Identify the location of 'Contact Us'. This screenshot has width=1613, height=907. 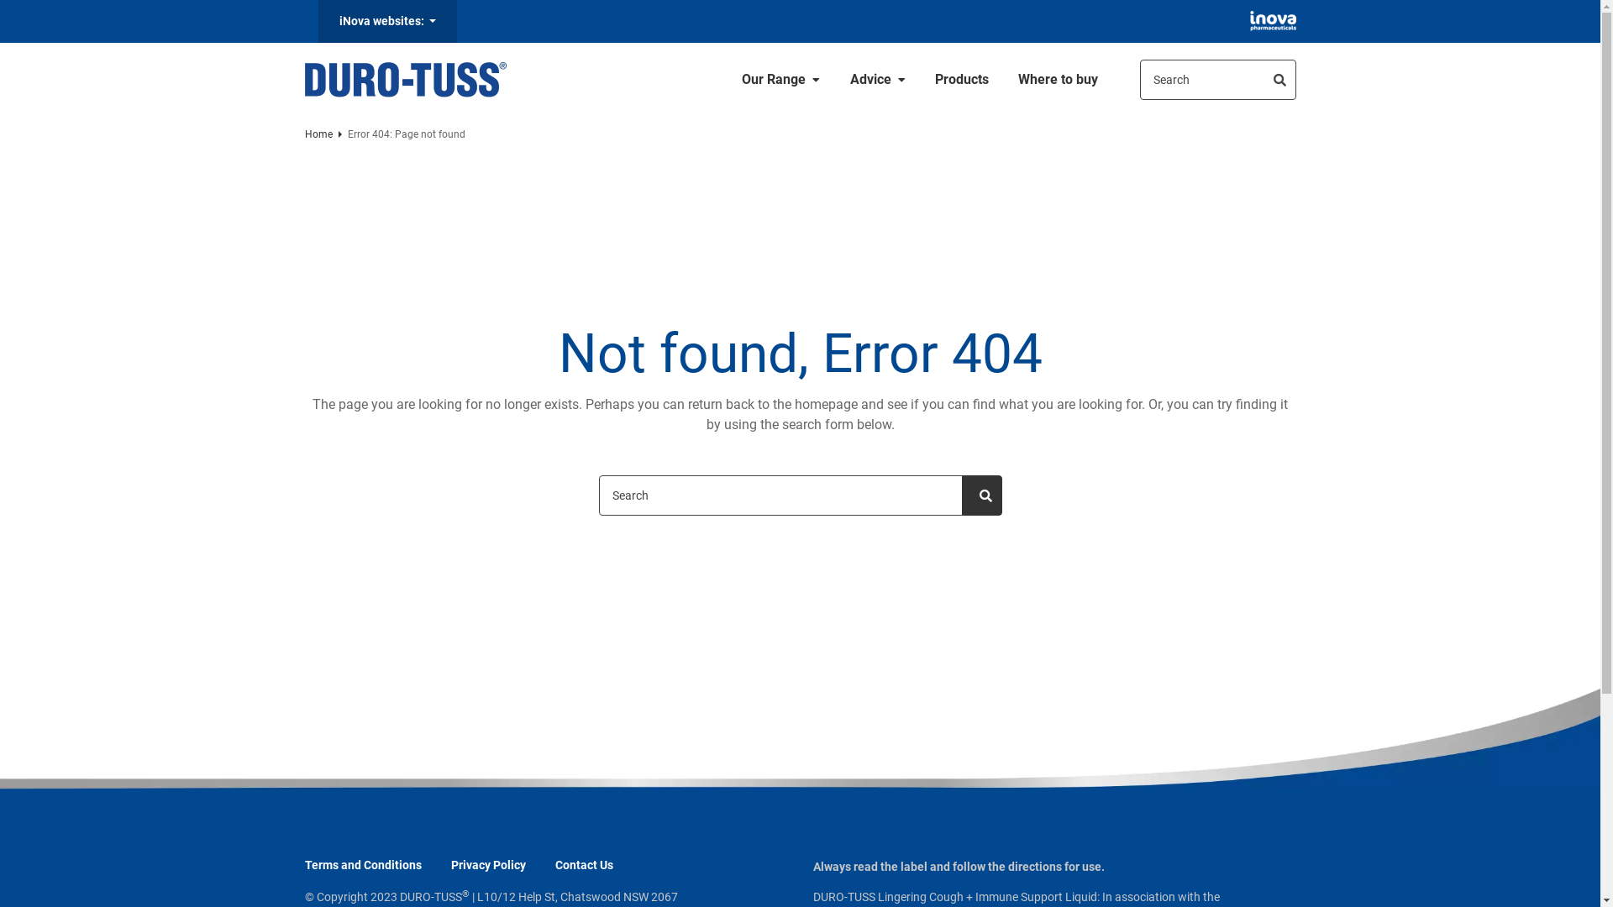
(583, 864).